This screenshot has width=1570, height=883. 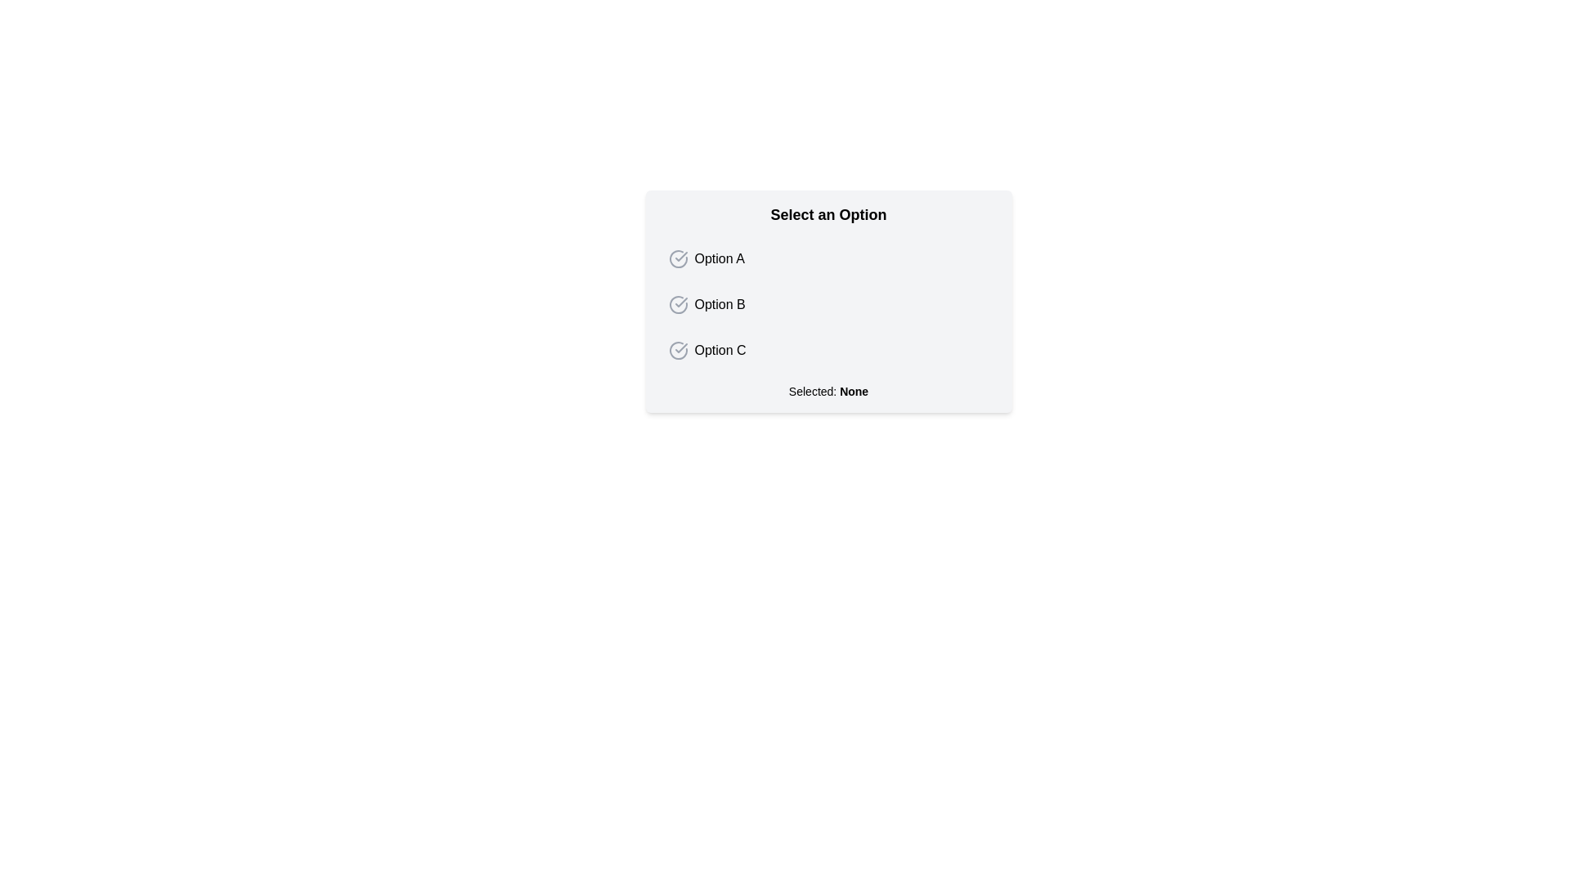 What do you see at coordinates (828, 305) in the screenshot?
I see `one of the options in the list labeled 'Option A', 'Option B', or 'Option C' within the card titled 'Select an Option'` at bounding box center [828, 305].